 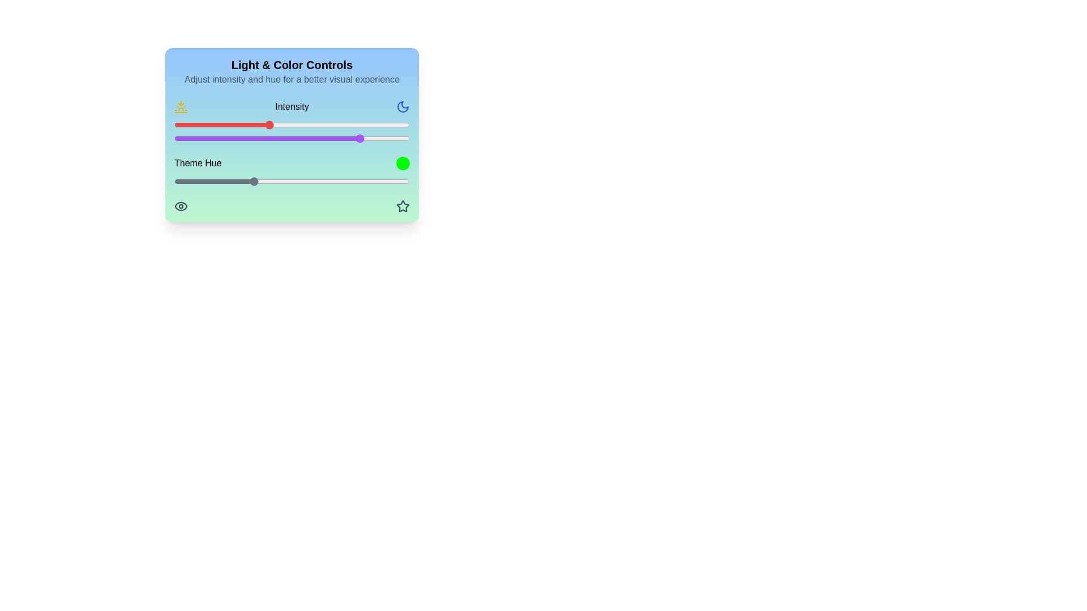 What do you see at coordinates (181, 206) in the screenshot?
I see `the leftmost icon button in the horizontal row beneath the sliders labeled 'Intensity' and 'Theme Hue'` at bounding box center [181, 206].